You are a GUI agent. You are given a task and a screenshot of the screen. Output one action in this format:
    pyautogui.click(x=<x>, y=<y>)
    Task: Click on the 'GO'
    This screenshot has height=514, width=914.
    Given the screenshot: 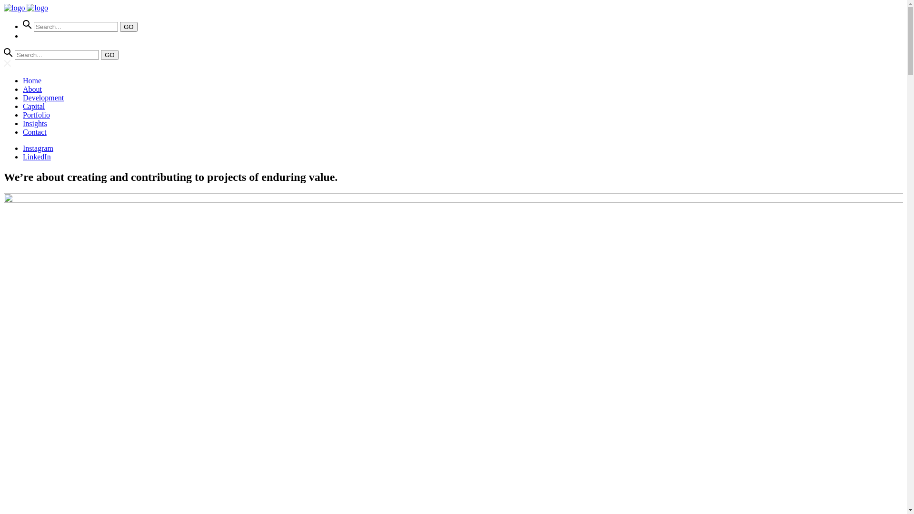 What is the action you would take?
    pyautogui.click(x=128, y=26)
    